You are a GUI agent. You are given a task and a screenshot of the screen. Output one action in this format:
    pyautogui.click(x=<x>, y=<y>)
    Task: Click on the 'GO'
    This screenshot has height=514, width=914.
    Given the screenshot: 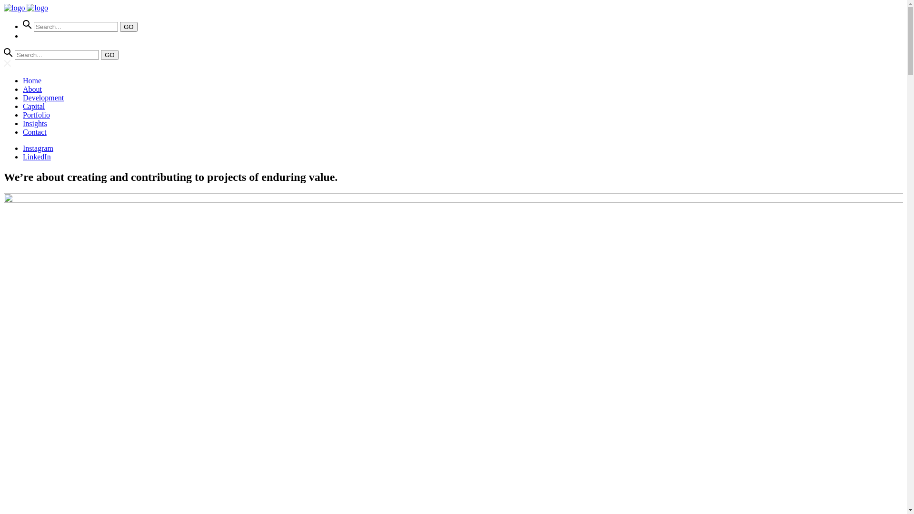 What is the action you would take?
    pyautogui.click(x=128, y=26)
    